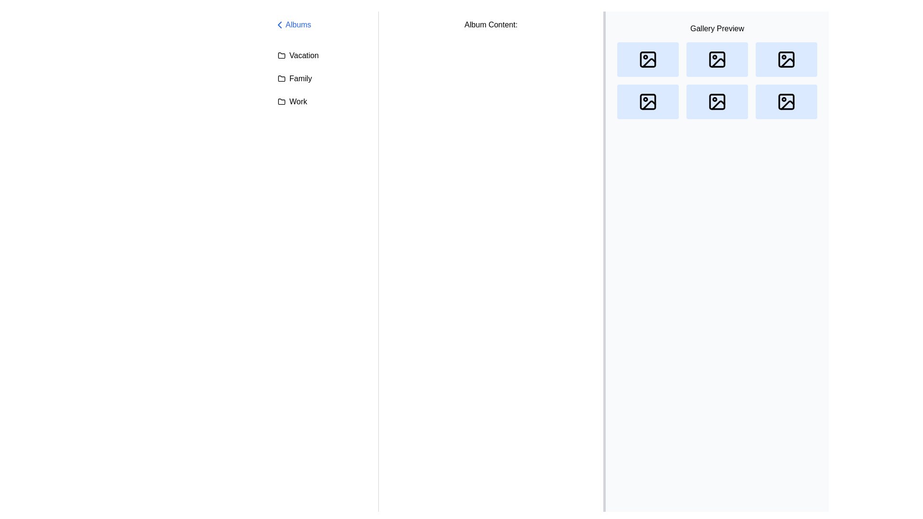 The image size is (923, 519). What do you see at coordinates (322, 24) in the screenshot?
I see `the button located at the top of the left column, above the items 'Vacation', 'Family', and 'Work'` at bounding box center [322, 24].